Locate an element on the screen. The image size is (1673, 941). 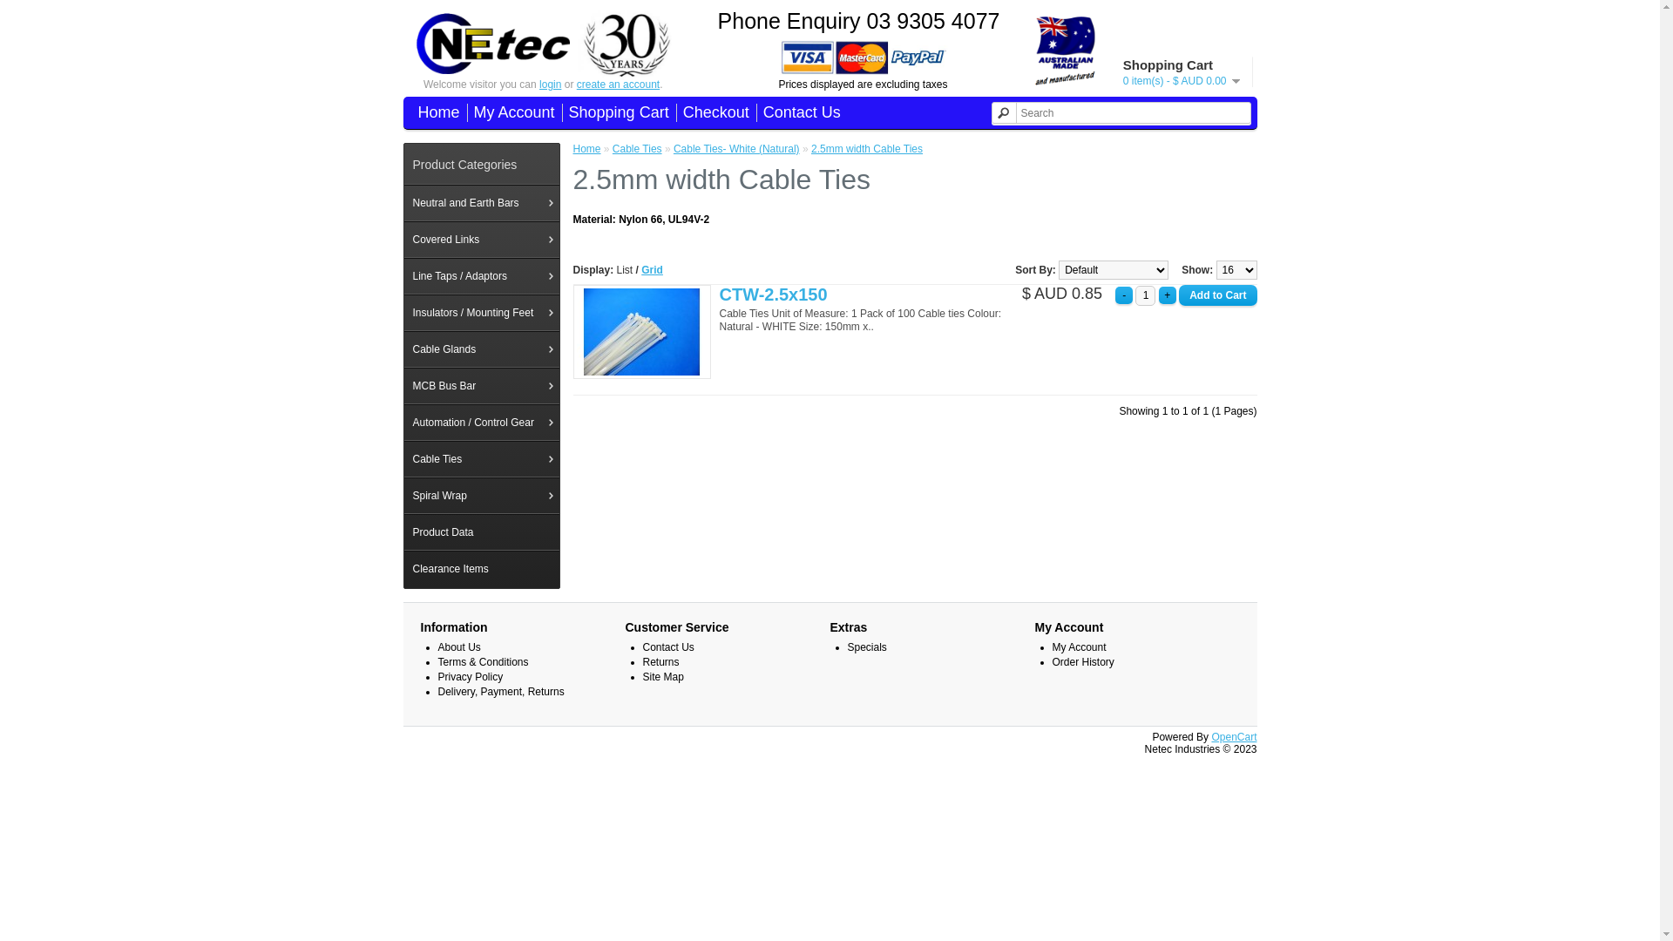
'-' is located at coordinates (1124, 294).